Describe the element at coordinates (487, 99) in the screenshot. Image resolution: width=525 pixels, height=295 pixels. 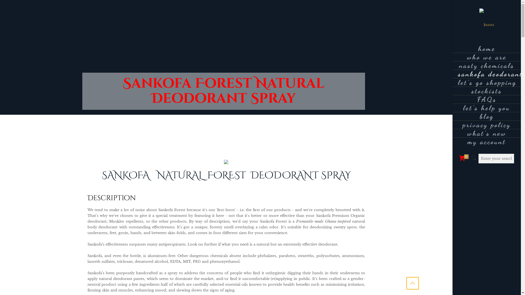
I see `'FAQs'` at that location.